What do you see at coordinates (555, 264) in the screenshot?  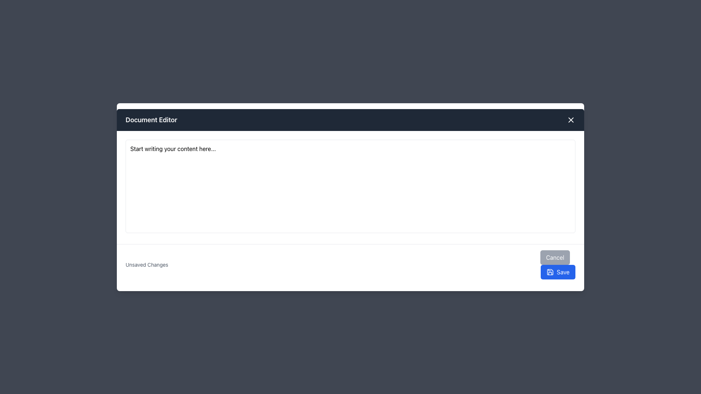 I see `the 'Save' button located in the bottom-right corner of the modal interface, adjacent to the 'Cancel' button, to confirm changes` at bounding box center [555, 264].